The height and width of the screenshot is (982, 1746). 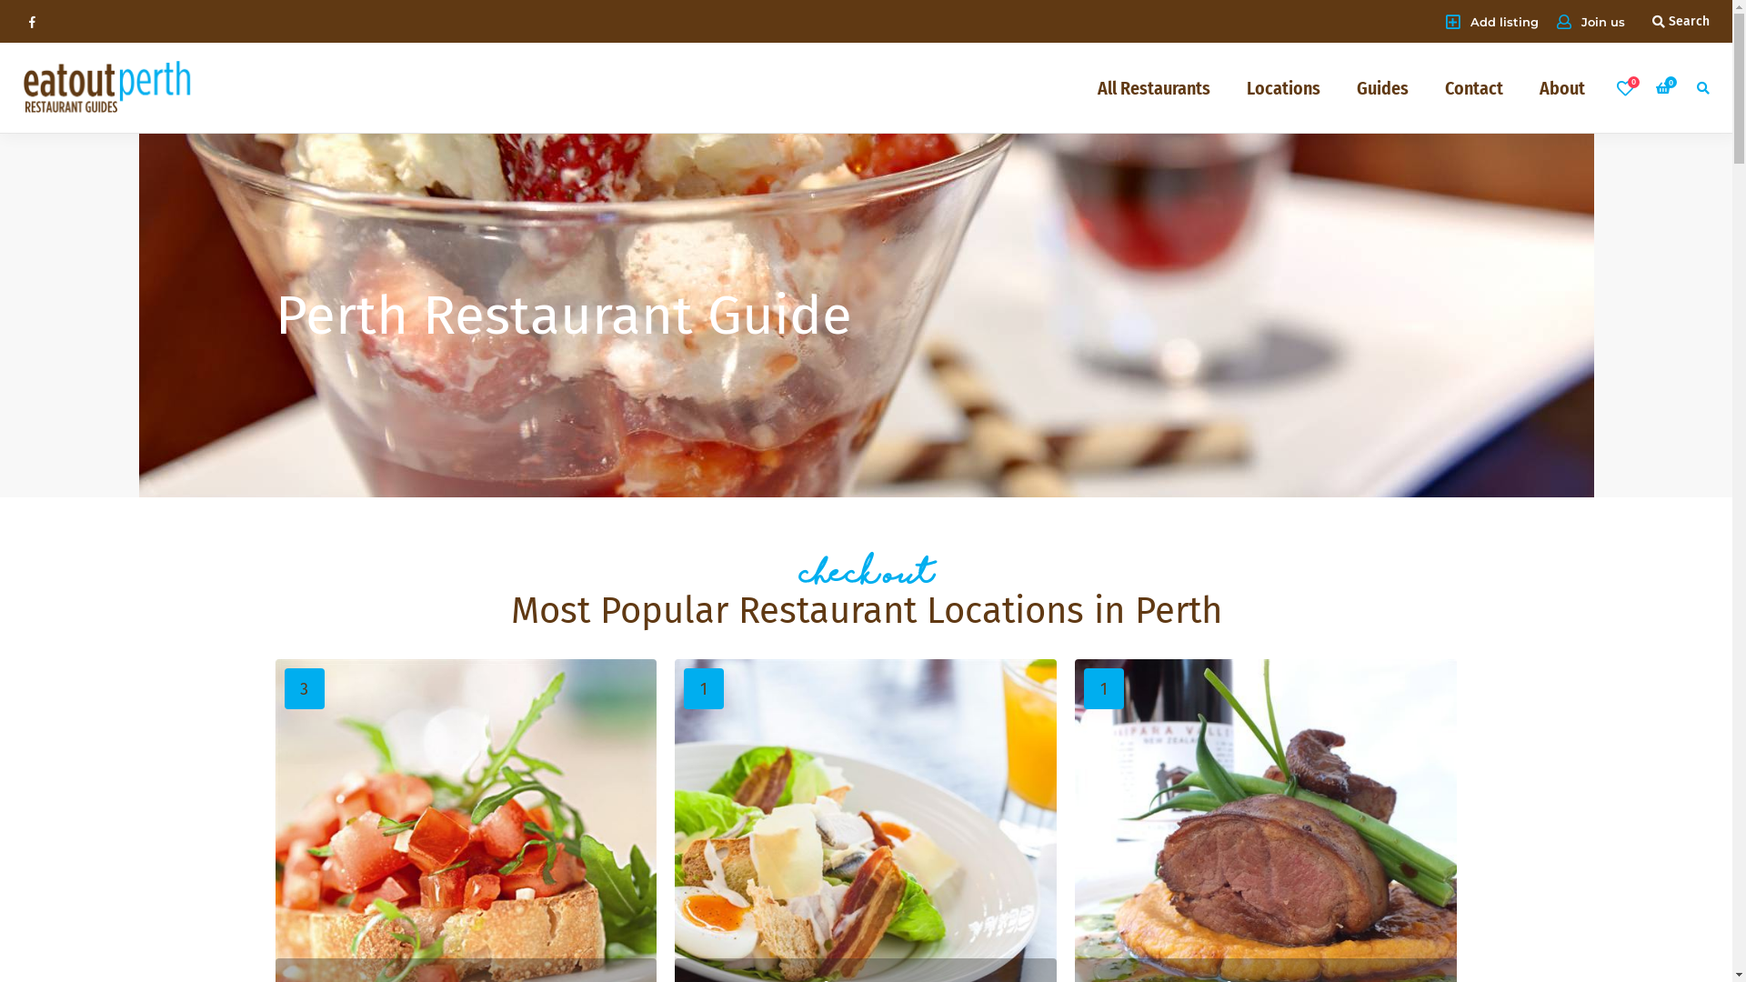 I want to click on '0', so click(x=1624, y=87).